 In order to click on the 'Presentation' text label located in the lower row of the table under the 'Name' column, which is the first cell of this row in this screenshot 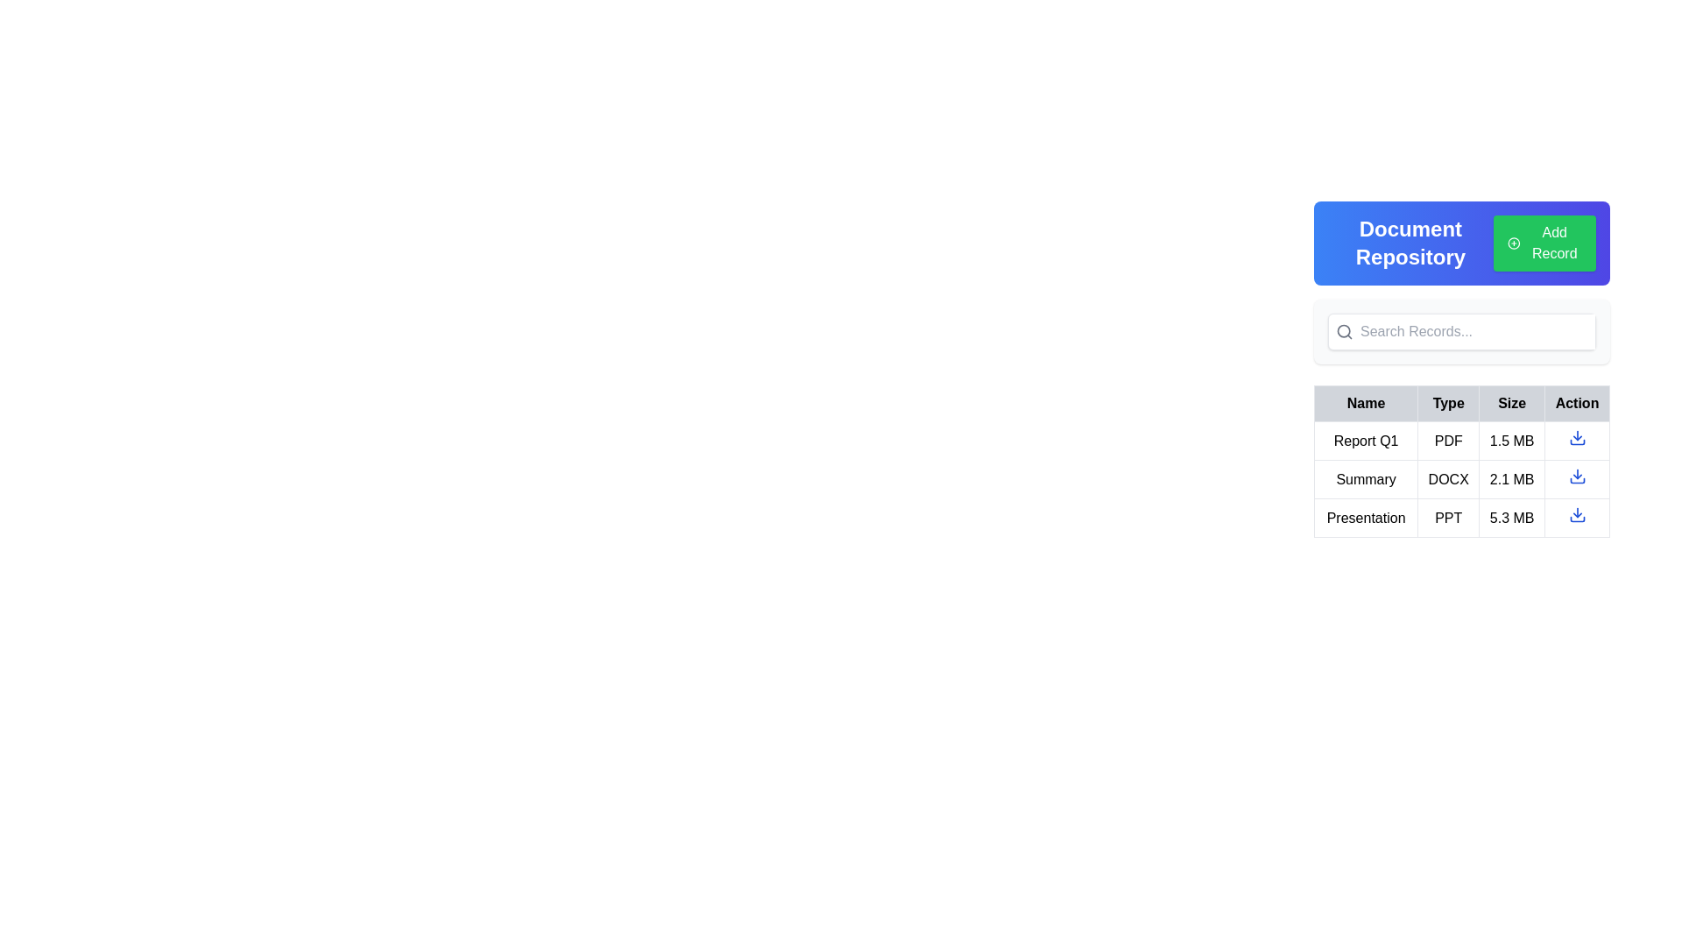, I will do `click(1365, 517)`.